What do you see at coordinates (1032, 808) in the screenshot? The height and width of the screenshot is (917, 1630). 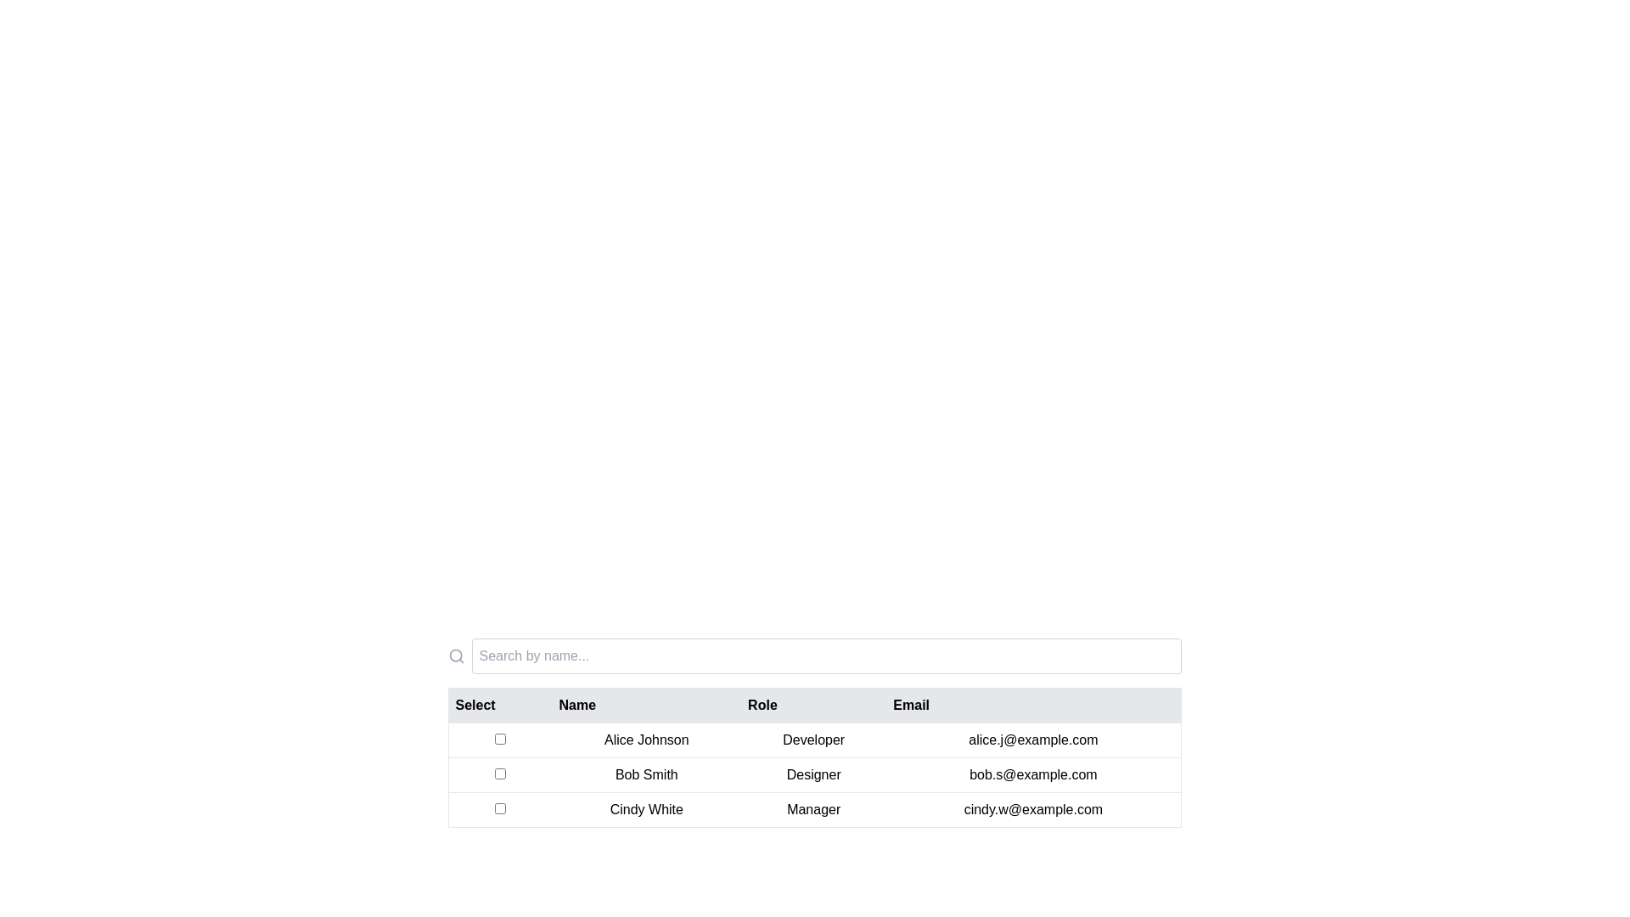 I see `the static text label displaying the email address for 'Cindy White' located in the last row of the table under the 'Email' column to copy the email address` at bounding box center [1032, 808].